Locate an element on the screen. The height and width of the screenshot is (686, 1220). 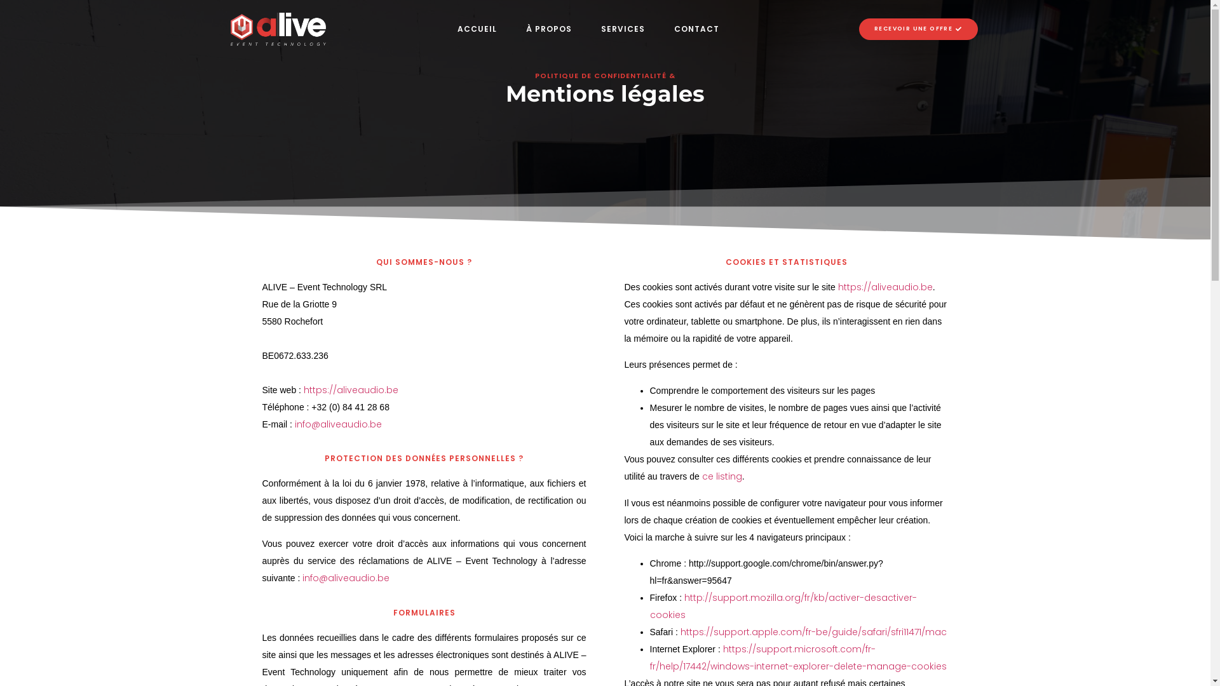
'SERVICES' is located at coordinates (623, 29).